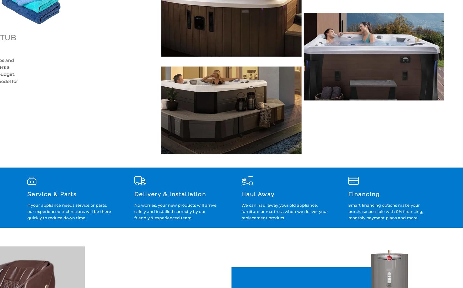 This screenshot has width=463, height=288. Describe the element at coordinates (241, 211) in the screenshot. I see `'We can haul away your old appliance, furniture or mattress when we deliver your replacement product.'` at that location.